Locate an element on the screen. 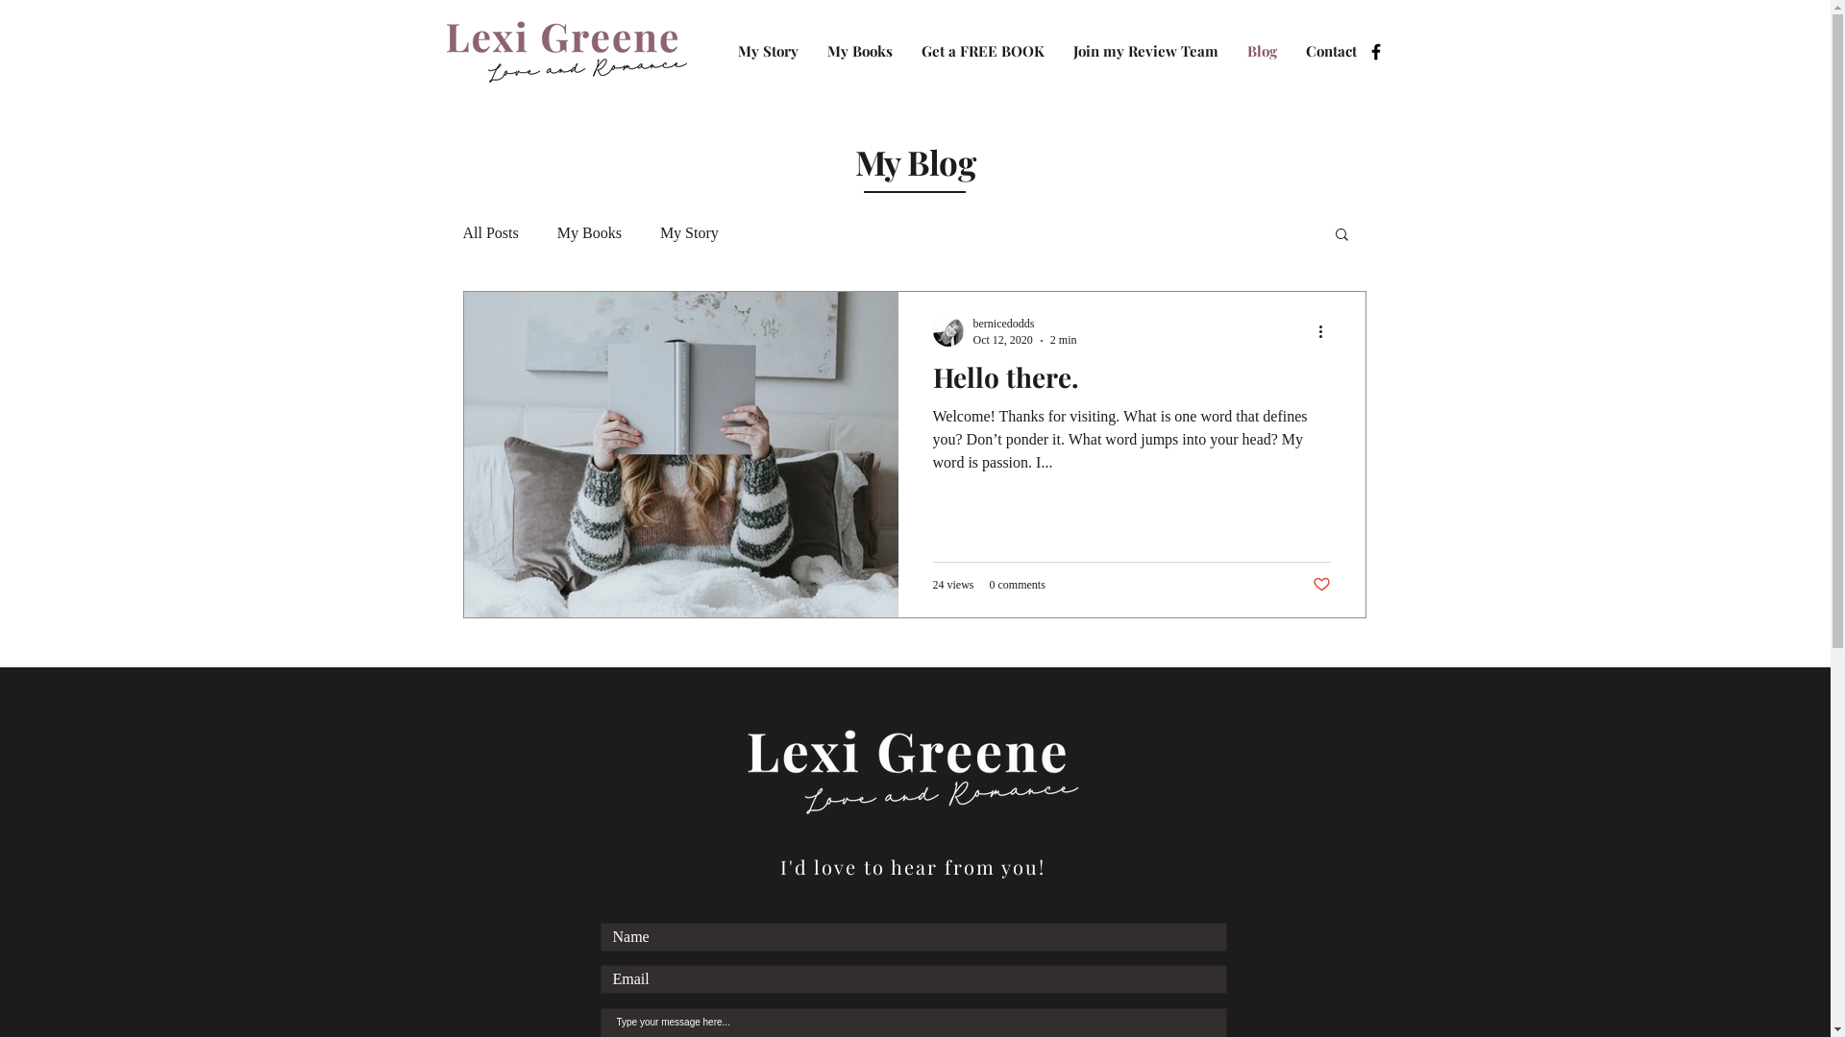 The height and width of the screenshot is (1037, 1845). 'bernicedodds' is located at coordinates (972, 323).